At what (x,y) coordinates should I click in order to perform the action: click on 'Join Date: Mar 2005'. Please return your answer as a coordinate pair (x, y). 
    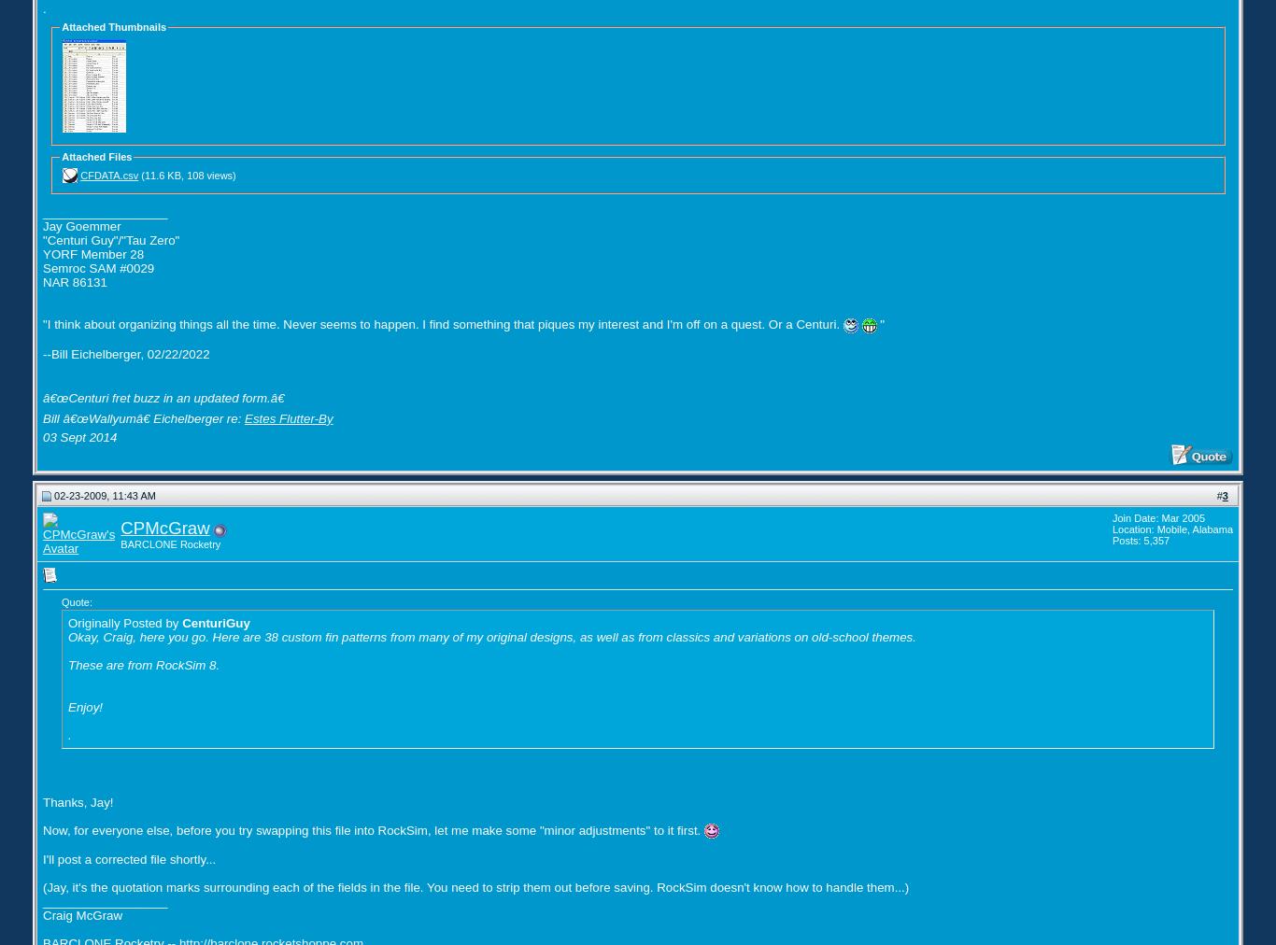
    Looking at the image, I should click on (1112, 516).